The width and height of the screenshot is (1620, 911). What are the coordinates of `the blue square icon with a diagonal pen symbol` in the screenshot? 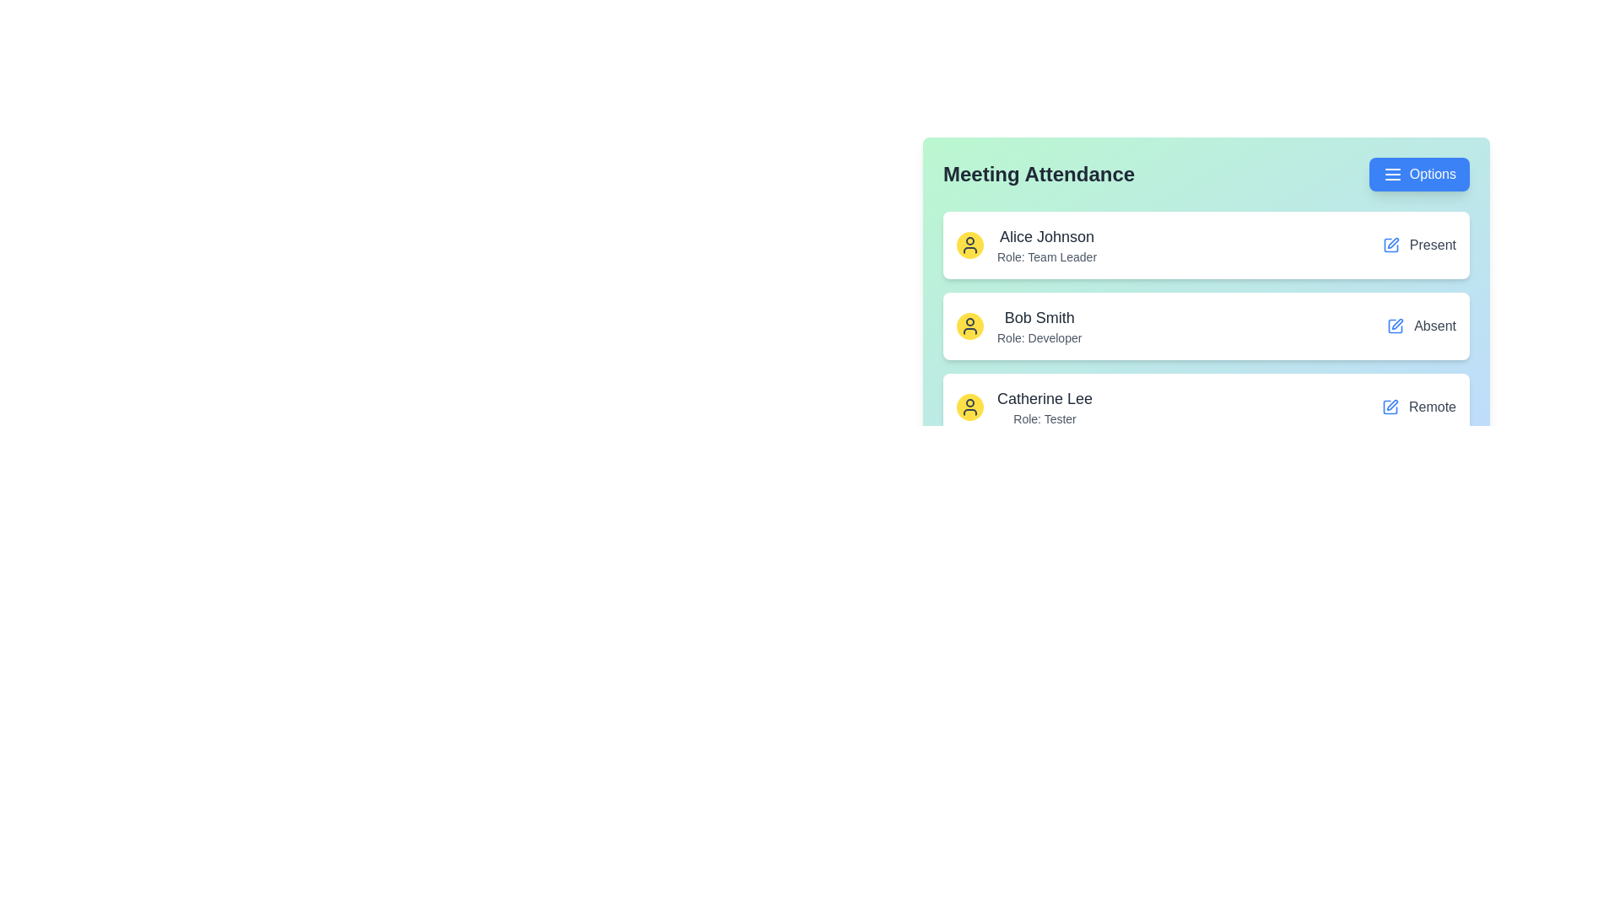 It's located at (1390, 245).